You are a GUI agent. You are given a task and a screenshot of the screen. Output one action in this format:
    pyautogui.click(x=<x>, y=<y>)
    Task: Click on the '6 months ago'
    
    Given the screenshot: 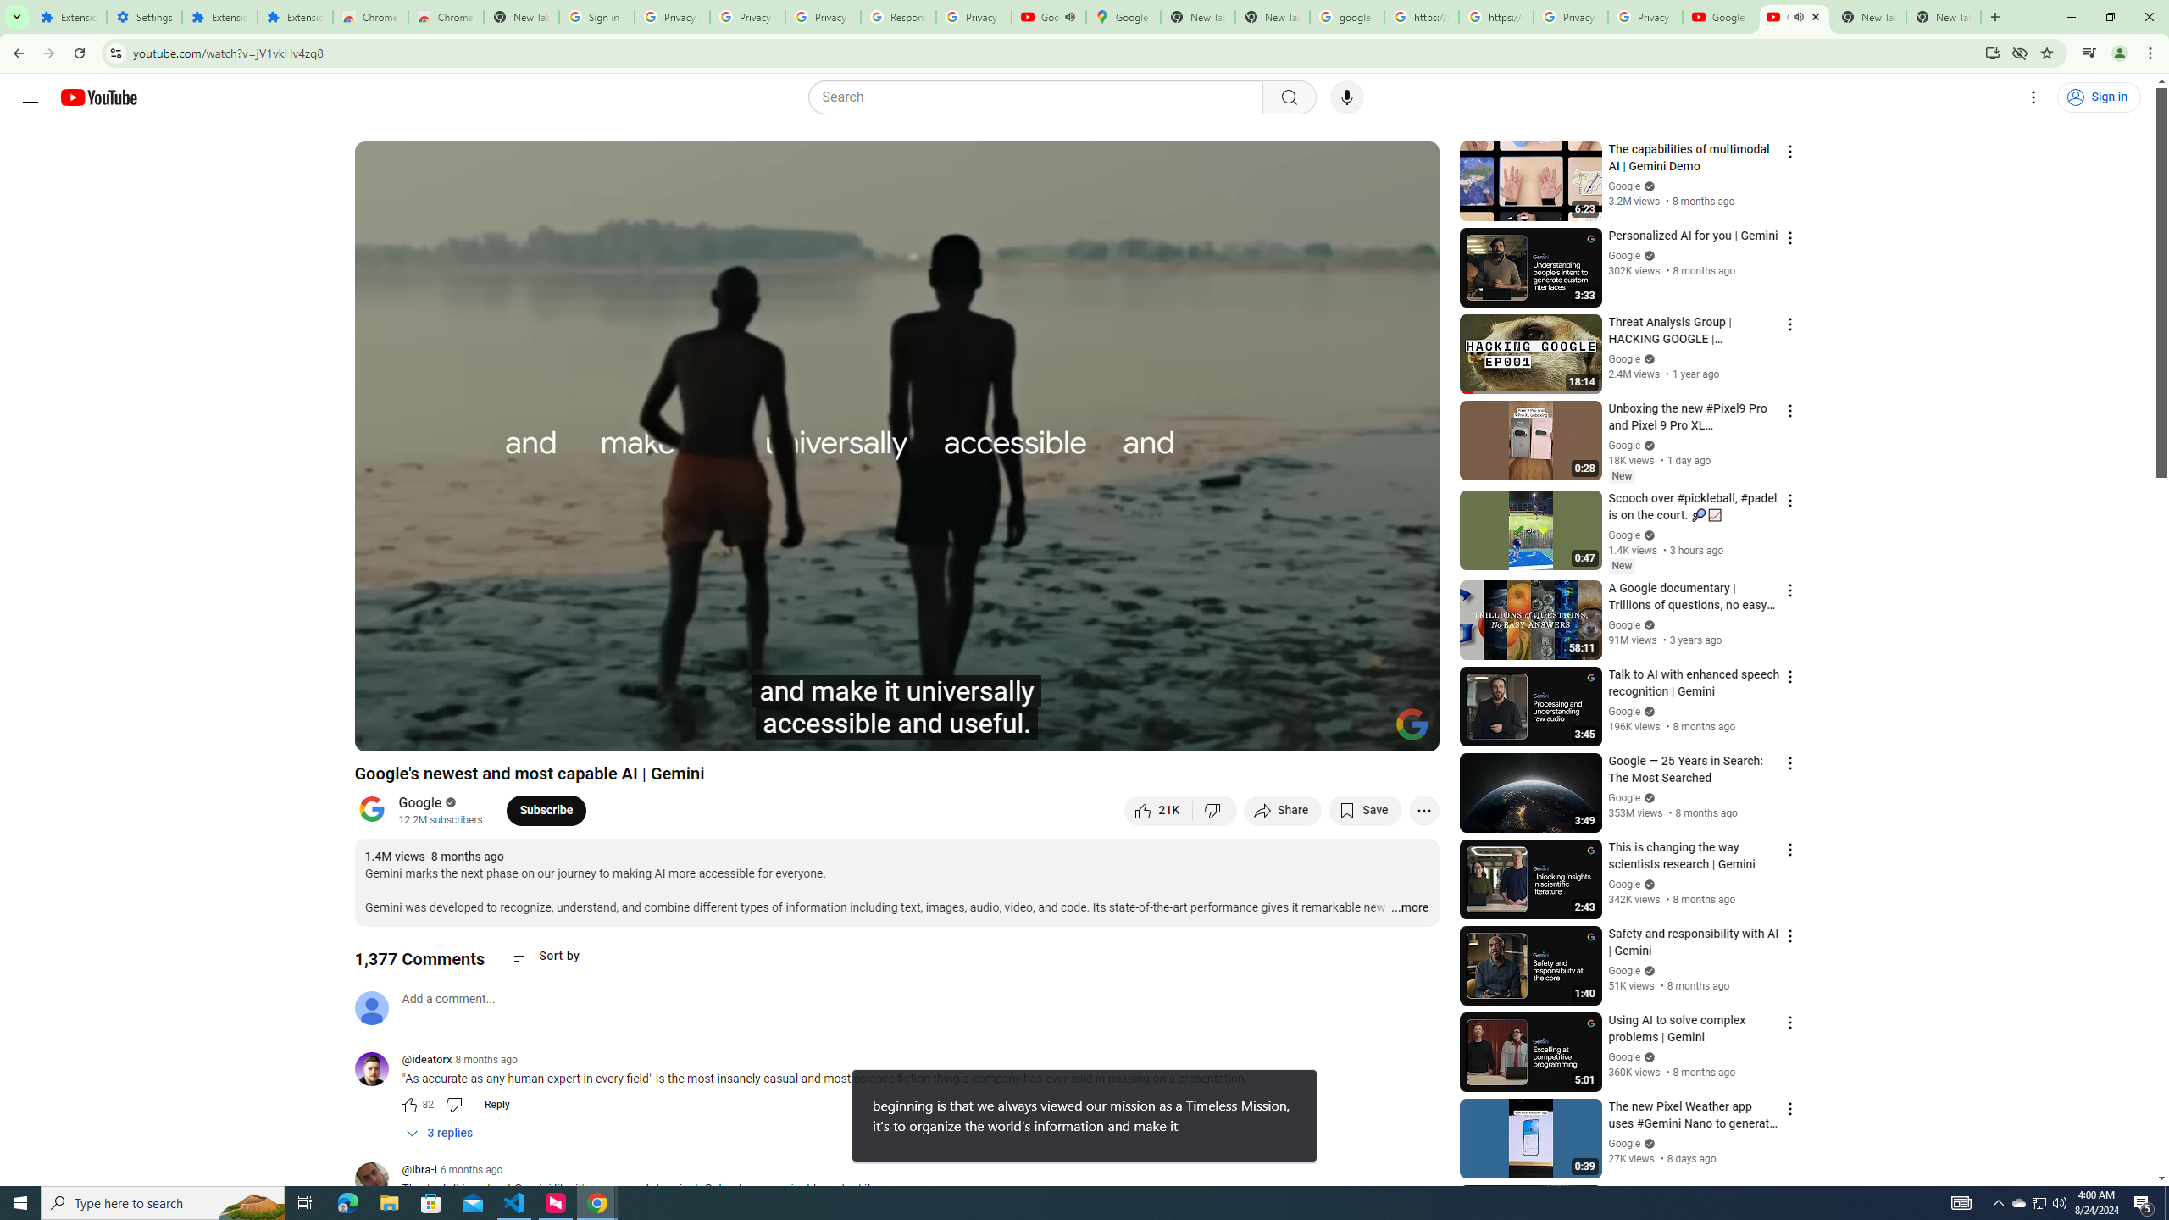 What is the action you would take?
    pyautogui.click(x=470, y=1168)
    